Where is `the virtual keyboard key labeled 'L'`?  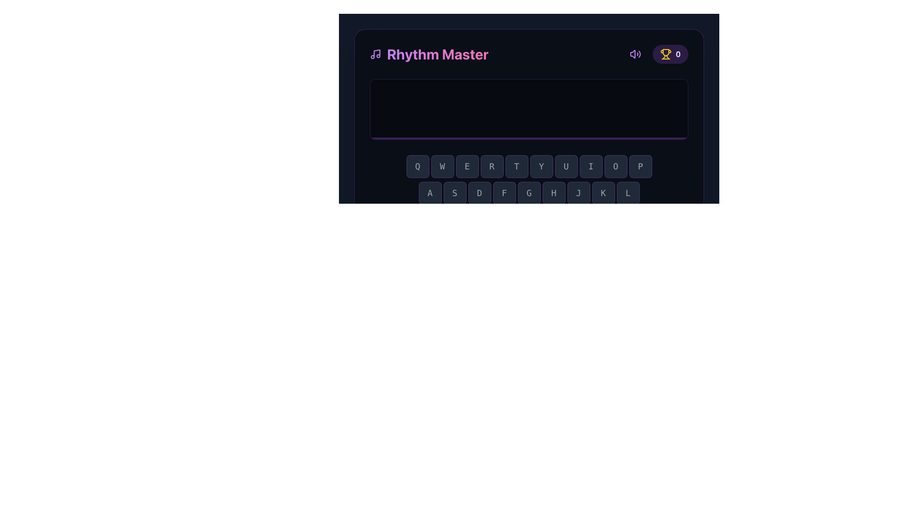
the virtual keyboard key labeled 'L' is located at coordinates (628, 193).